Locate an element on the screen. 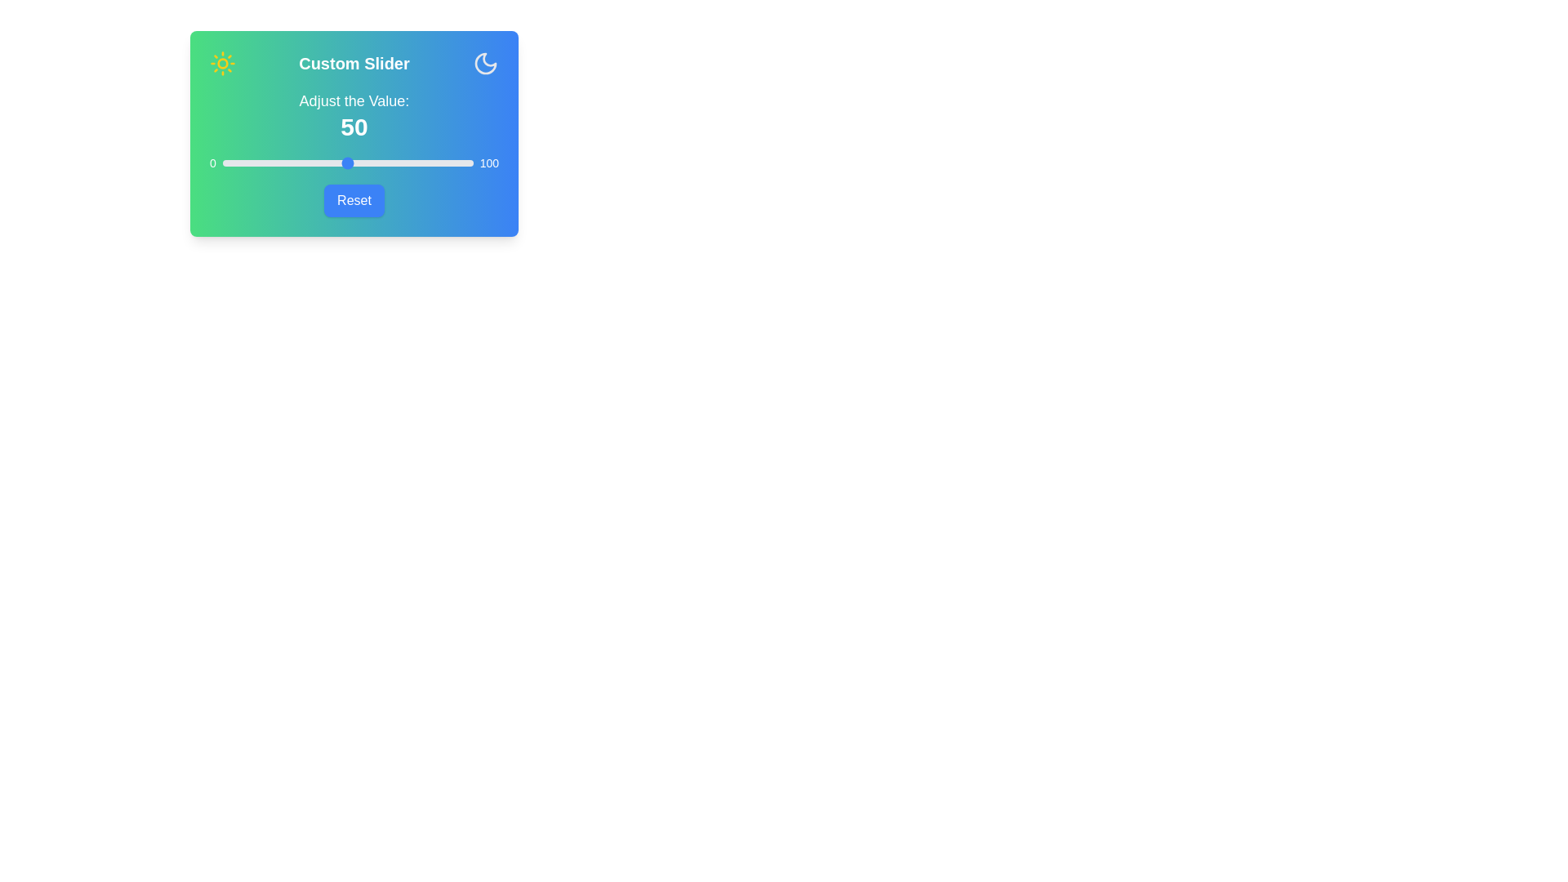 The width and height of the screenshot is (1568, 882). the gradient background of the component is located at coordinates (353, 133).